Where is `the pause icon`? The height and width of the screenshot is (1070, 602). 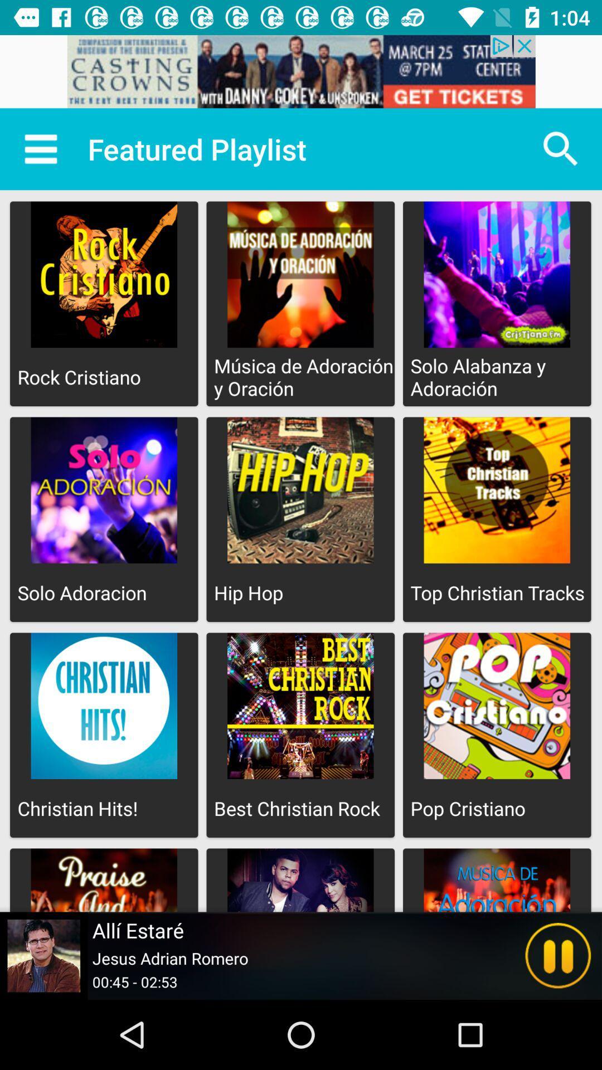
the pause icon is located at coordinates (558, 955).